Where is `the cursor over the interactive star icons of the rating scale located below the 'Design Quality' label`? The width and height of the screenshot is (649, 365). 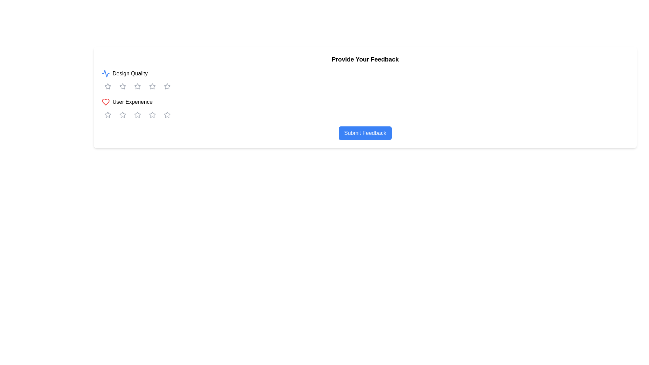
the cursor over the interactive star icons of the rating scale located below the 'Design Quality' label is located at coordinates (365, 86).